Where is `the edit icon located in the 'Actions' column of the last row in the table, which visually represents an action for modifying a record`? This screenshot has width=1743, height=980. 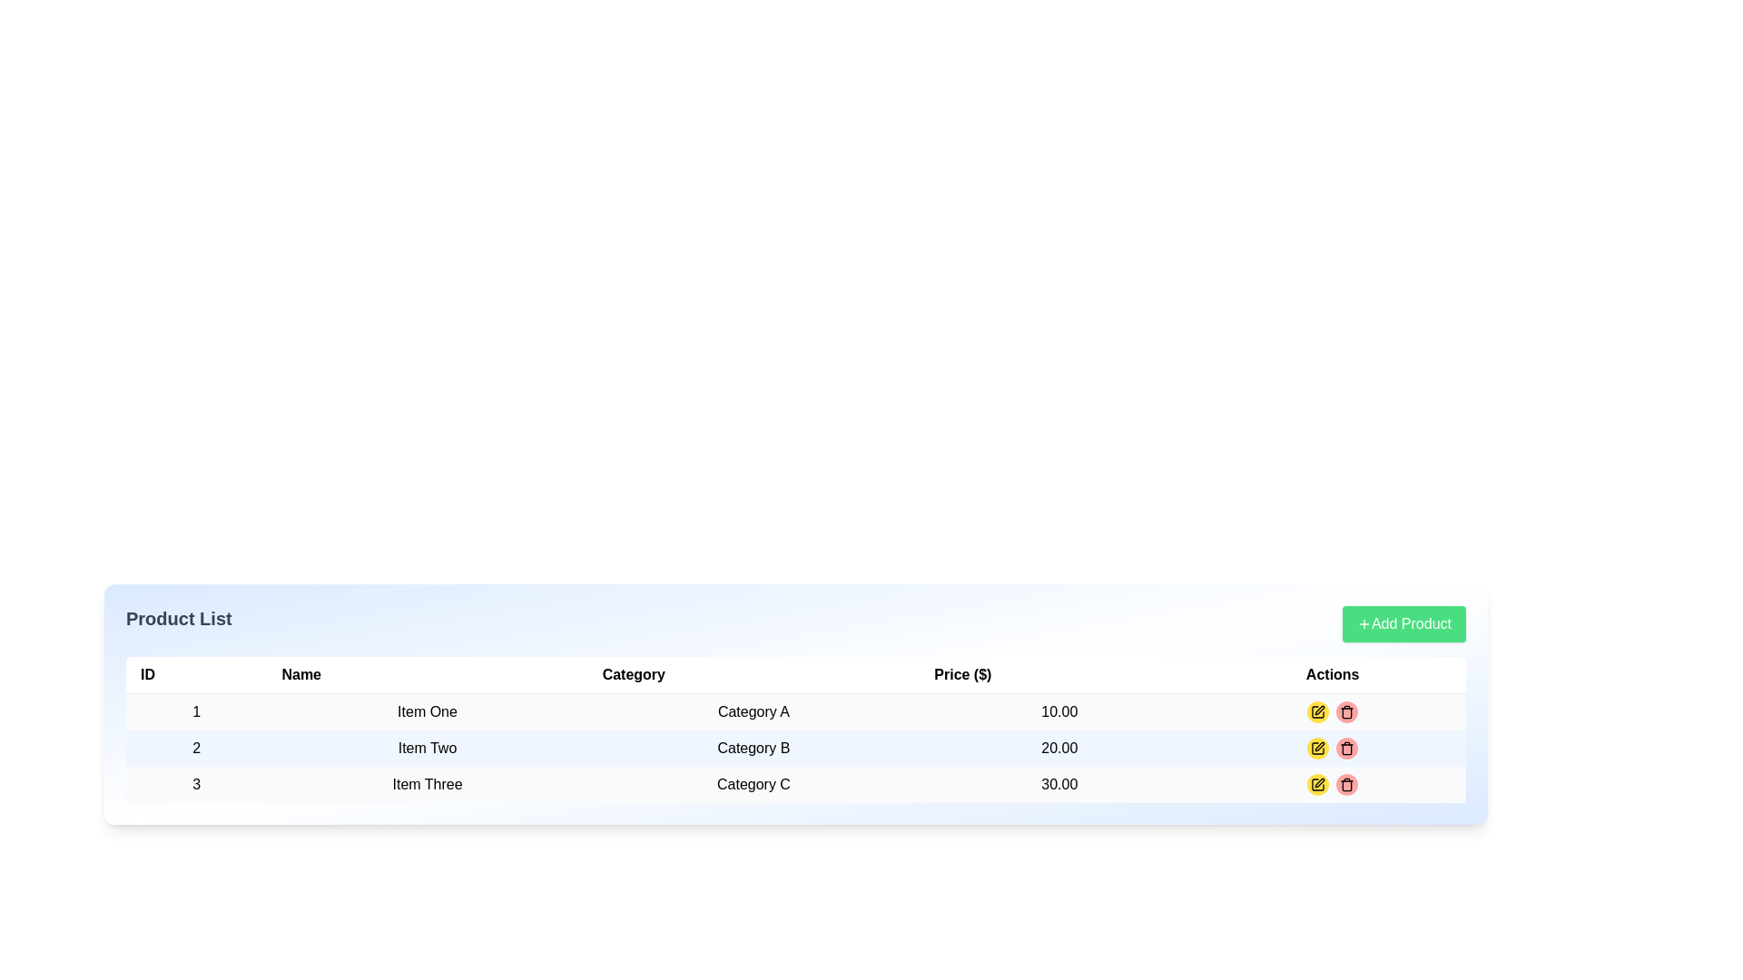 the edit icon located in the 'Actions' column of the last row in the table, which visually represents an action for modifying a record is located at coordinates (1320, 746).